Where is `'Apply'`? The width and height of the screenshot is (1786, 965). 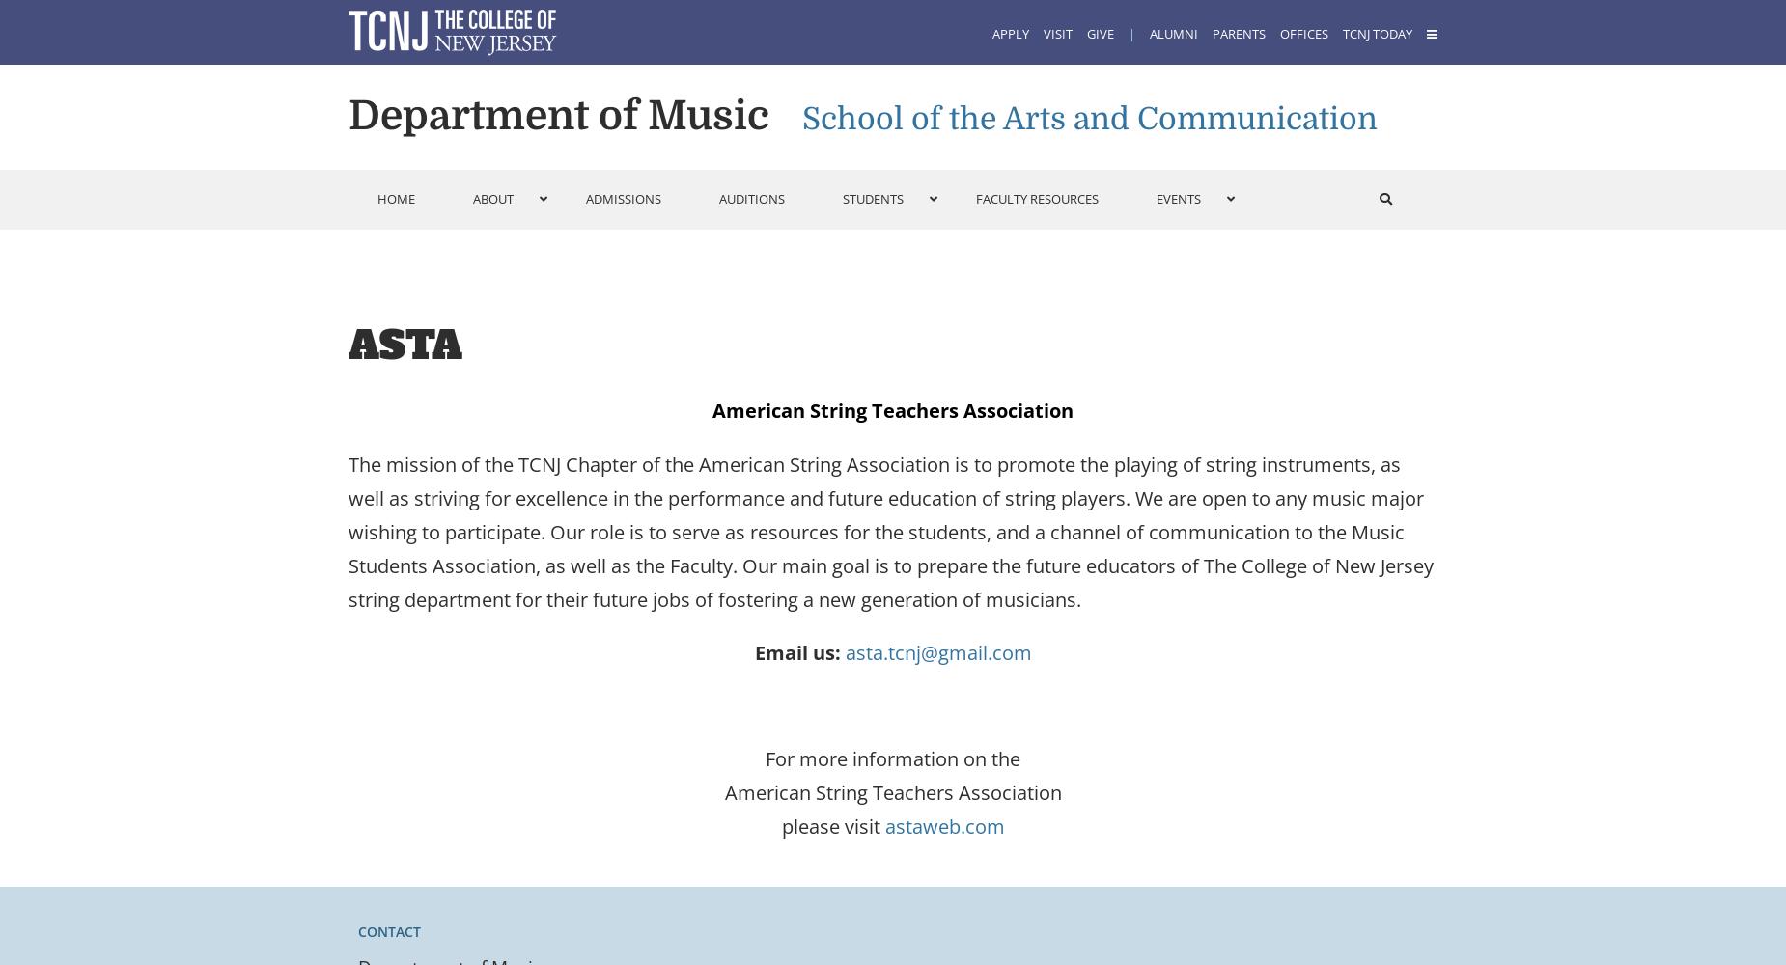 'Apply' is located at coordinates (1008, 34).